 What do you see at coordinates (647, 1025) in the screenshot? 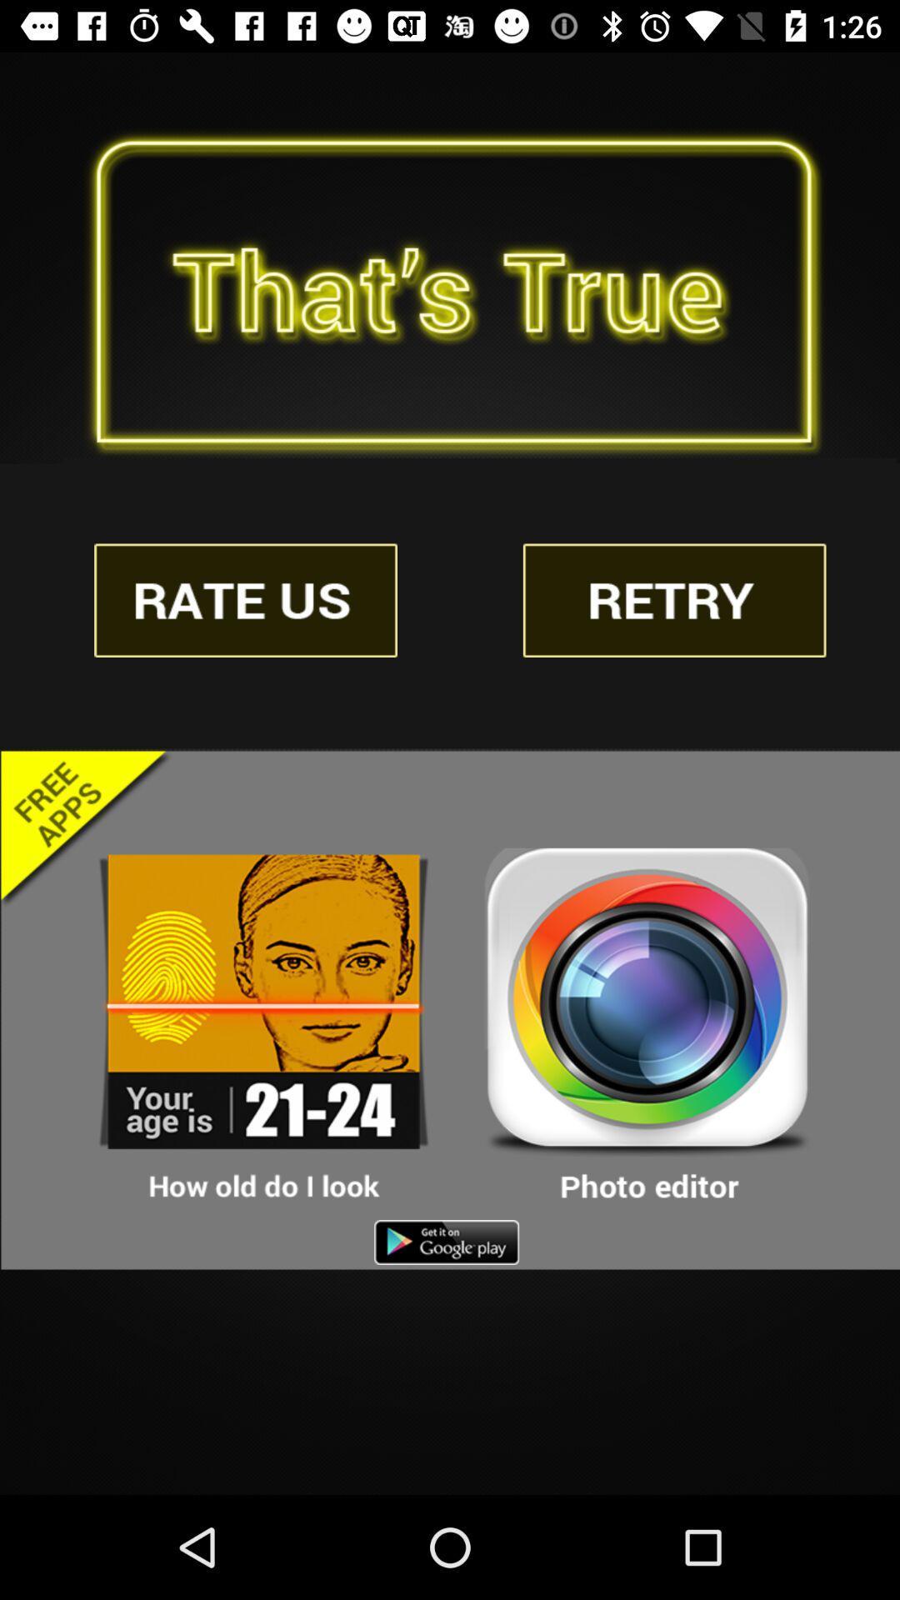
I see `photo editor option` at bounding box center [647, 1025].